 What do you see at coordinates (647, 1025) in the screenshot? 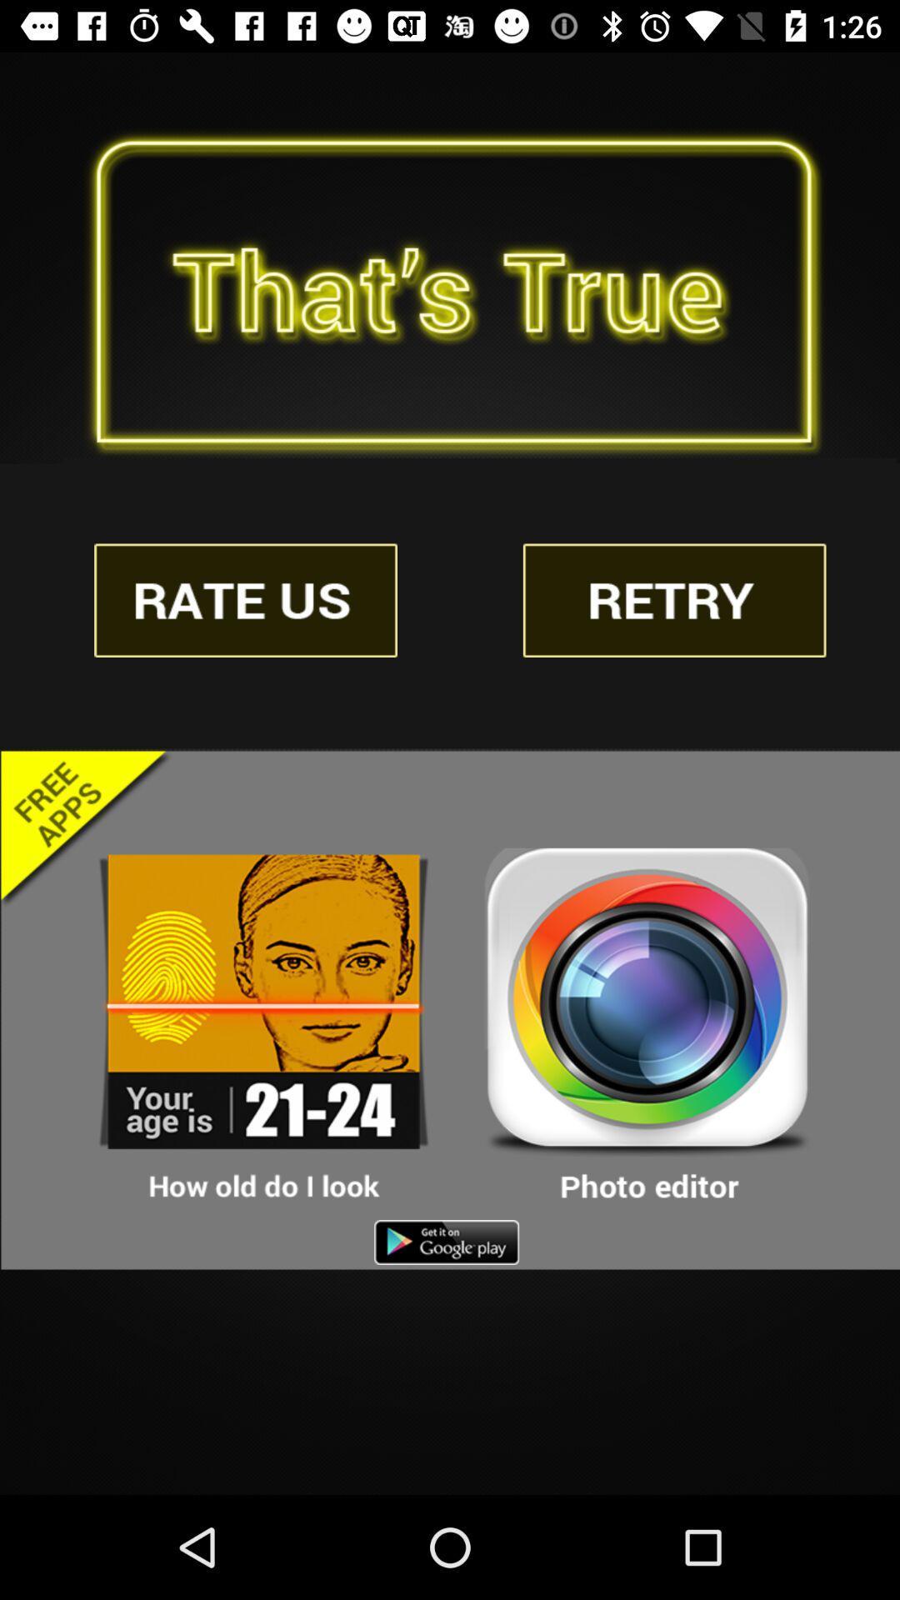
I see `photo editor option` at bounding box center [647, 1025].